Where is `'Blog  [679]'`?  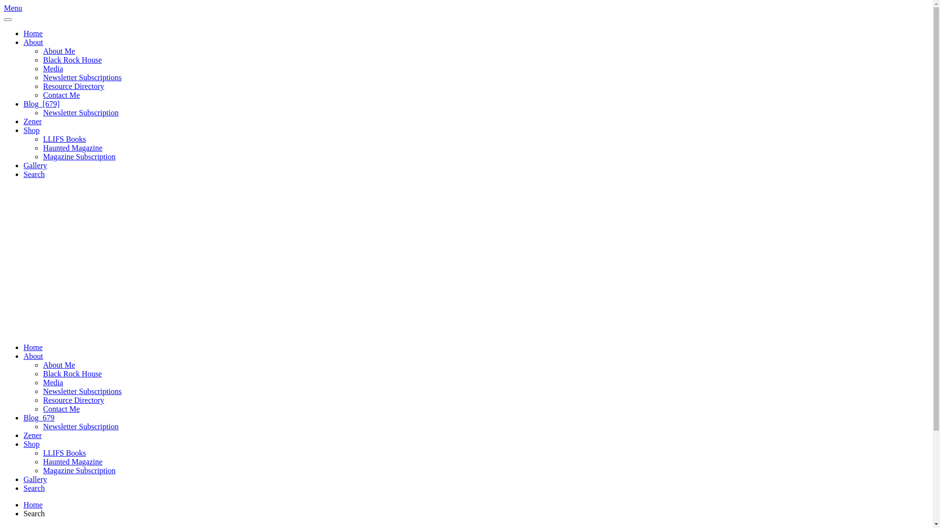
'Blog  [679]' is located at coordinates (41, 104).